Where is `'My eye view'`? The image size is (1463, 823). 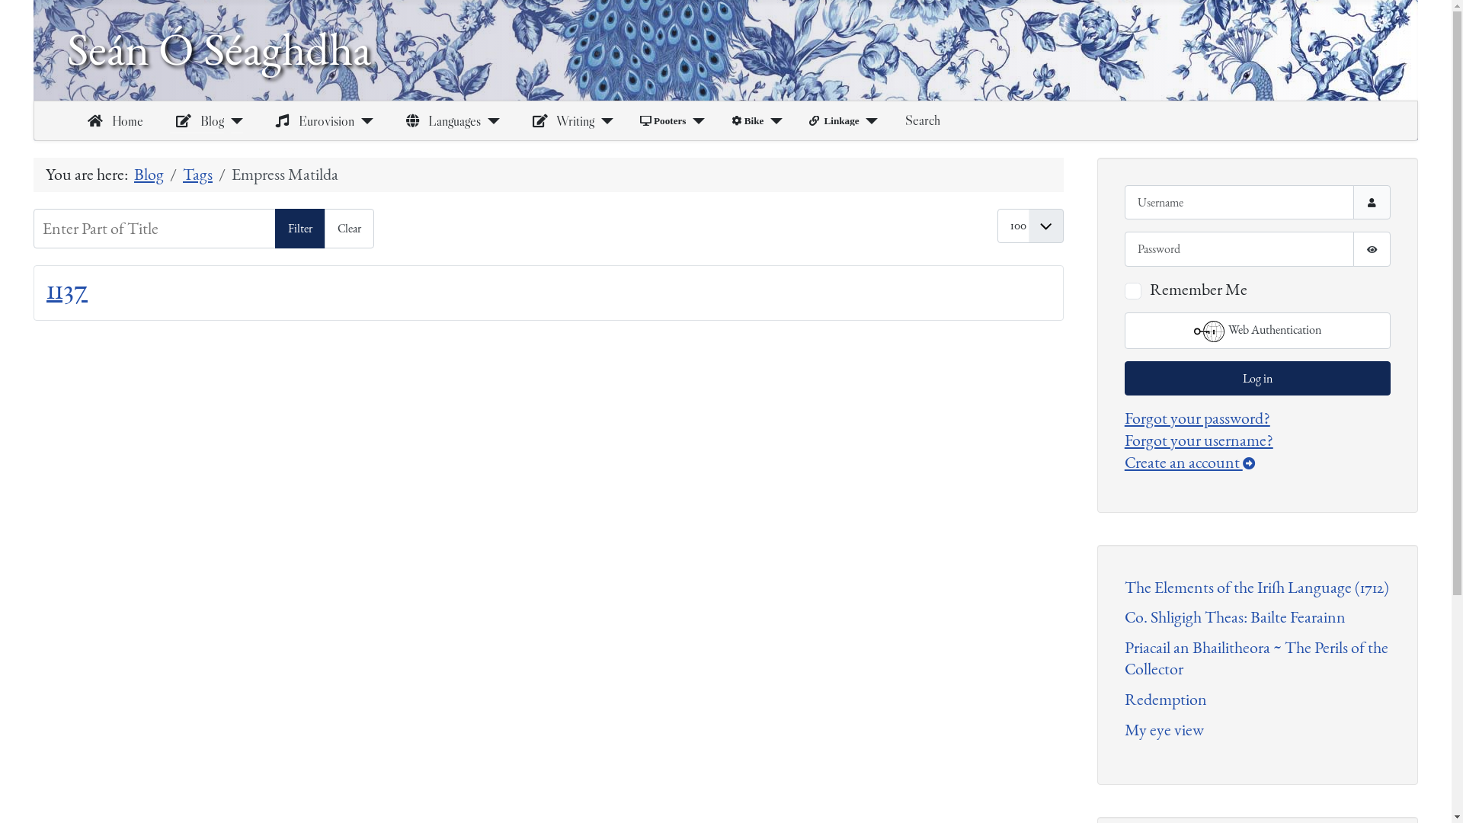
'My eye view' is located at coordinates (1163, 729).